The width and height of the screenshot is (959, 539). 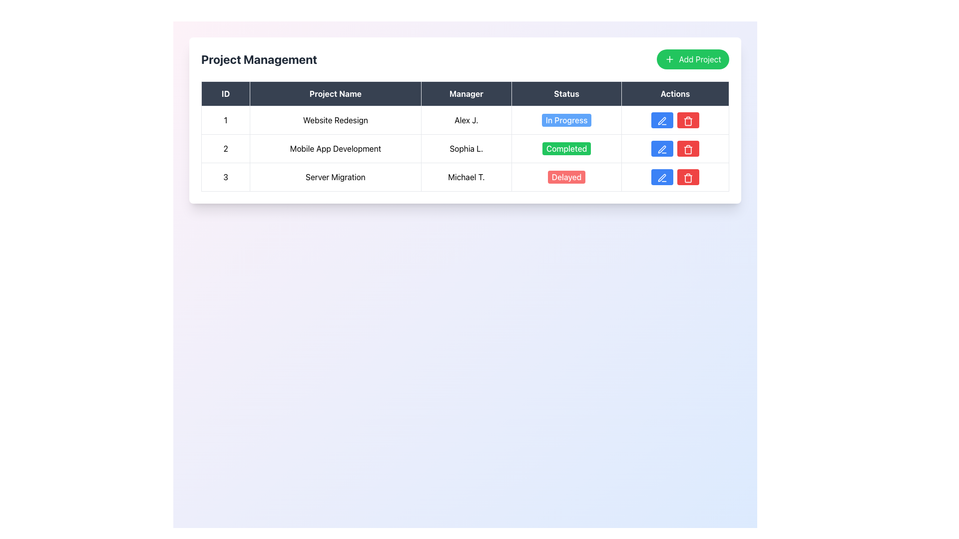 What do you see at coordinates (225, 119) in the screenshot?
I see `the Text Cell displaying the digit '1' in bold style, located in the first row under the 'ID' column of the Project Management table` at bounding box center [225, 119].